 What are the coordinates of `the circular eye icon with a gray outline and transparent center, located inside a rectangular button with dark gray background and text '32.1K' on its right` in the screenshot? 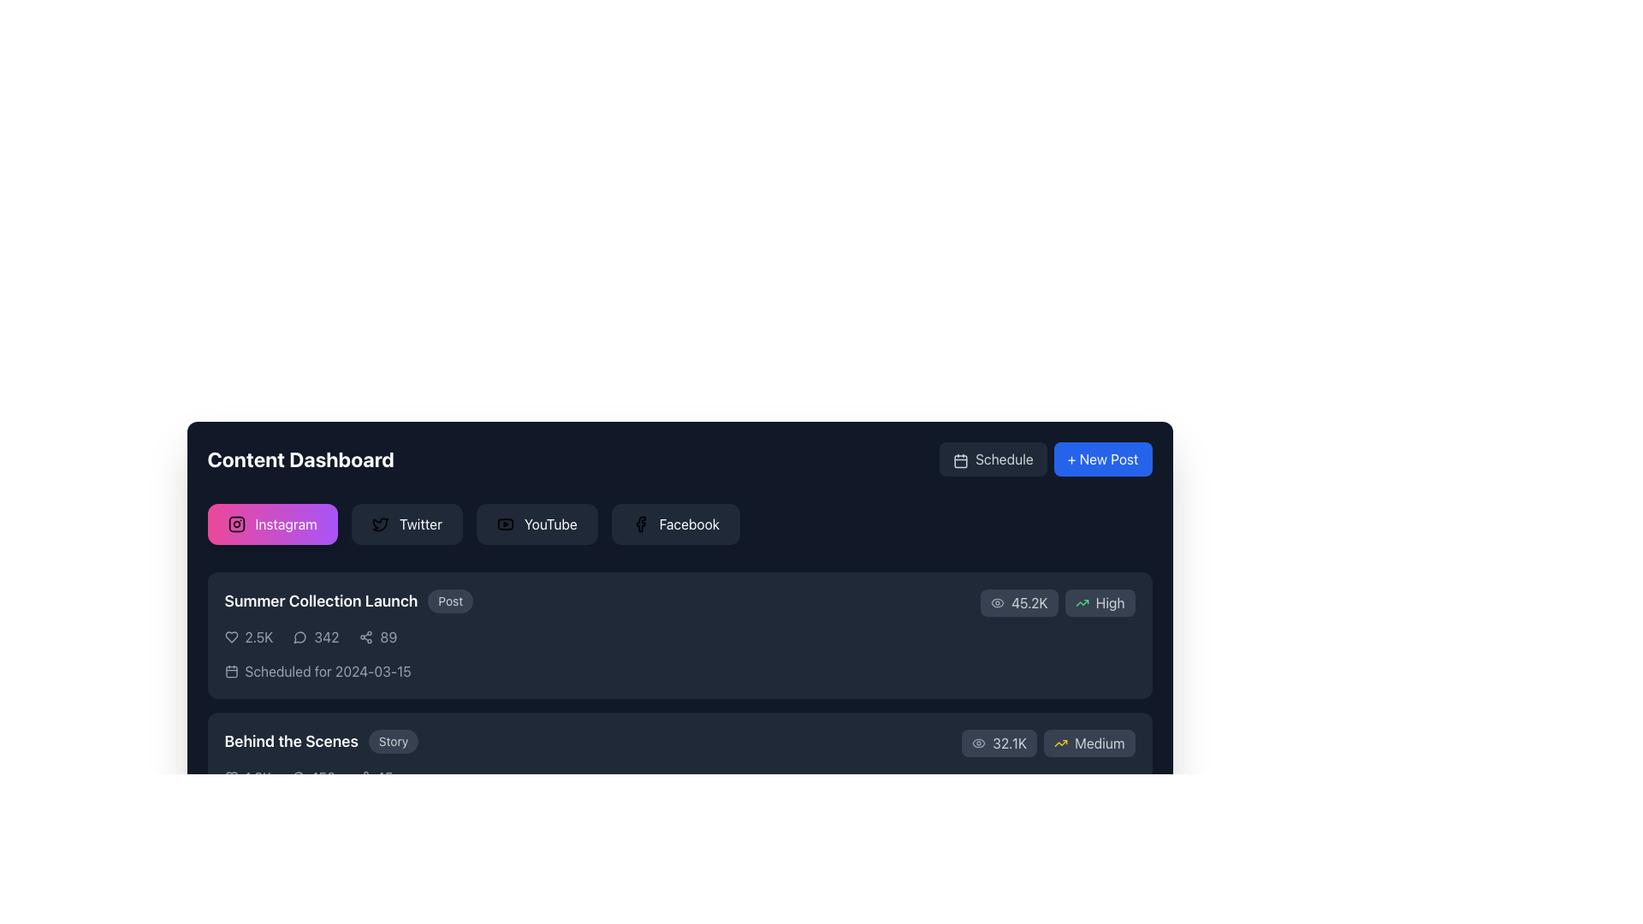 It's located at (979, 742).